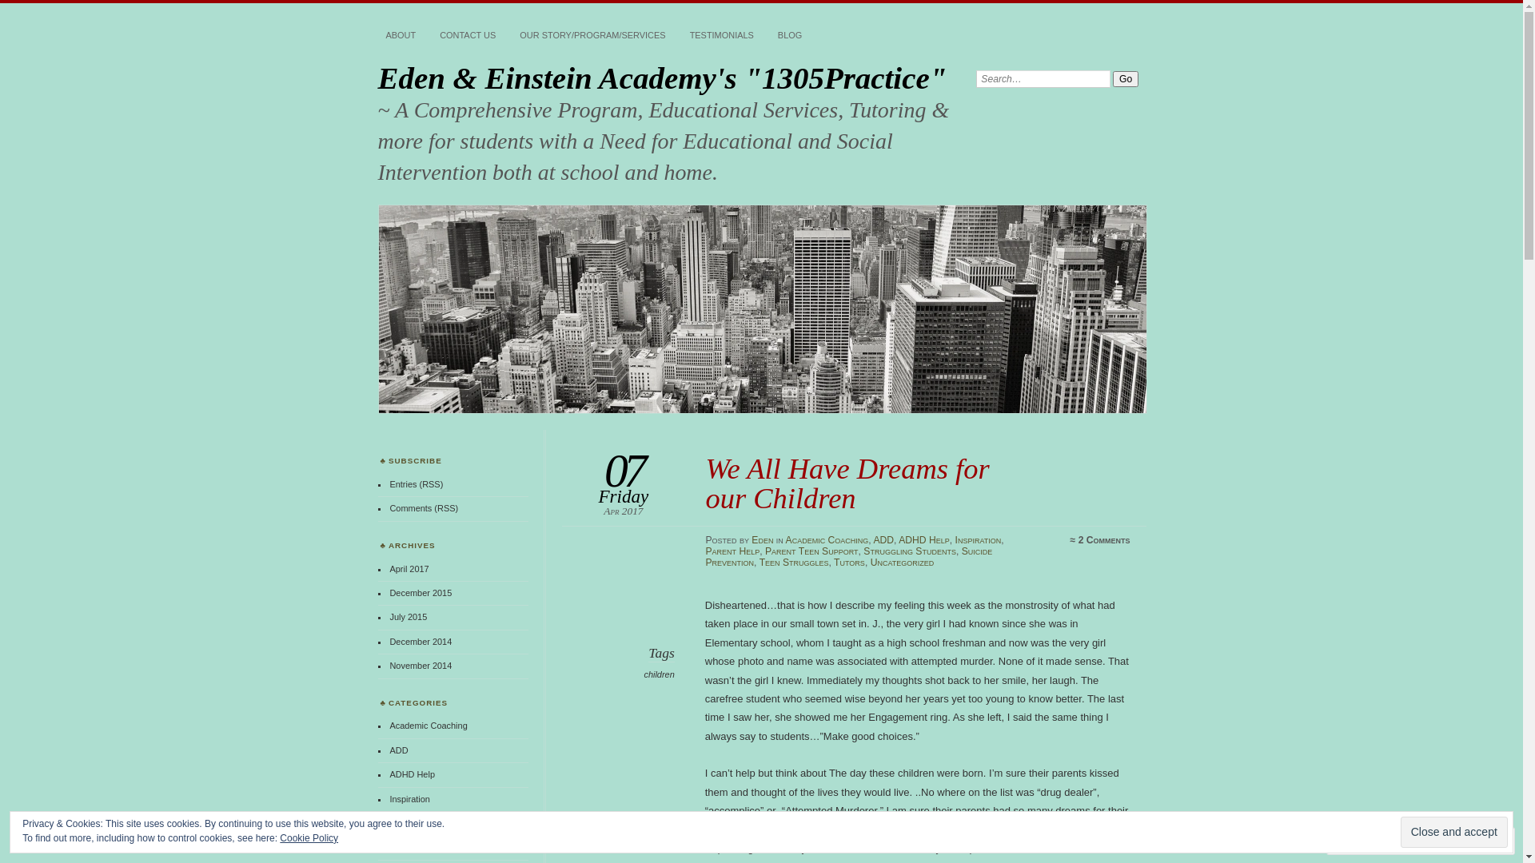 Image resolution: width=1535 pixels, height=863 pixels. Describe the element at coordinates (398, 750) in the screenshot. I see `'ADD'` at that location.